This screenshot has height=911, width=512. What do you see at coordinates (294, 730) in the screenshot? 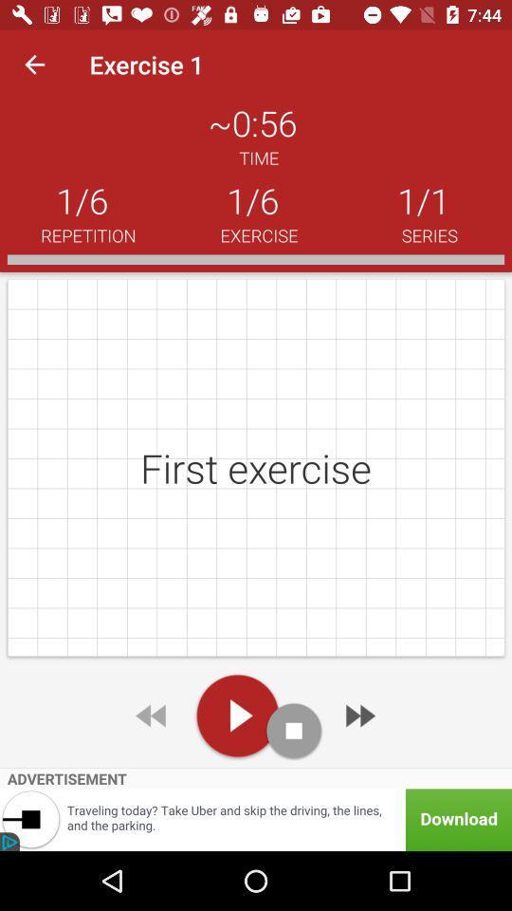
I see `the stop button` at bounding box center [294, 730].